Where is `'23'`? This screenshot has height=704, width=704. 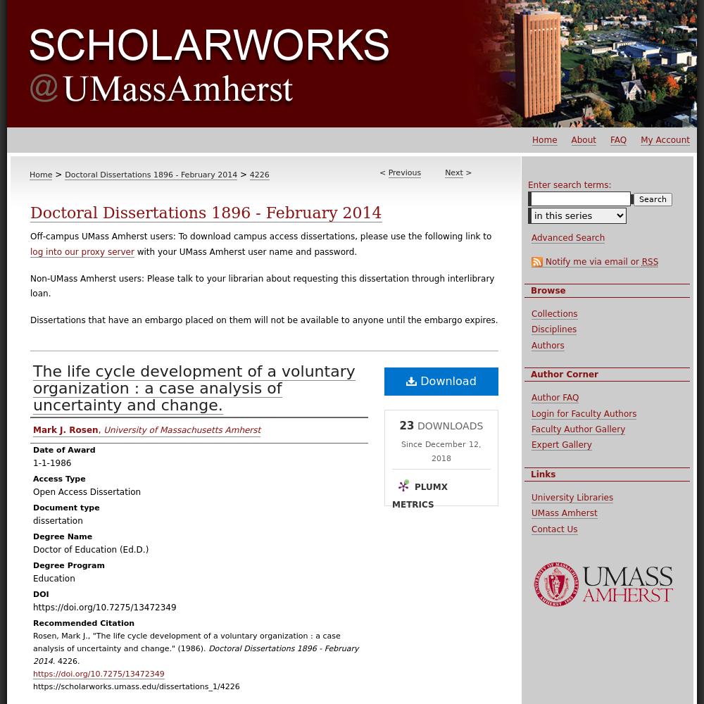
'23' is located at coordinates (398, 425).